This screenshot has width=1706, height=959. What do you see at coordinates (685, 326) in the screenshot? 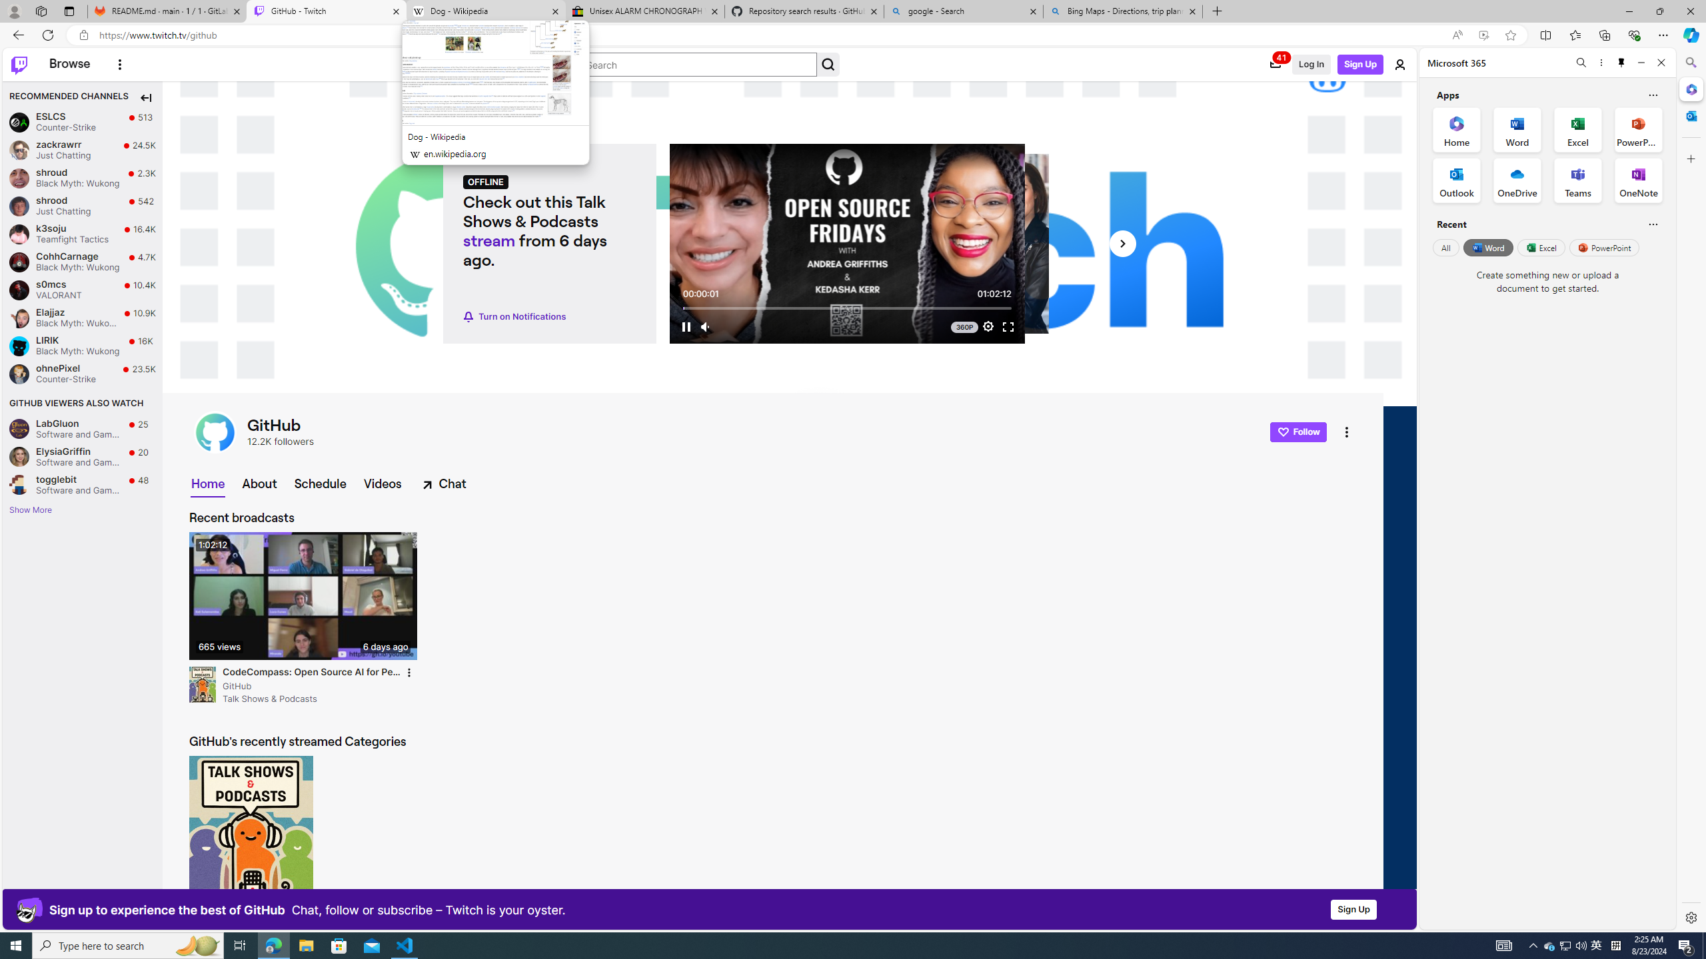
I see `'Pause (space/k)'` at bounding box center [685, 326].